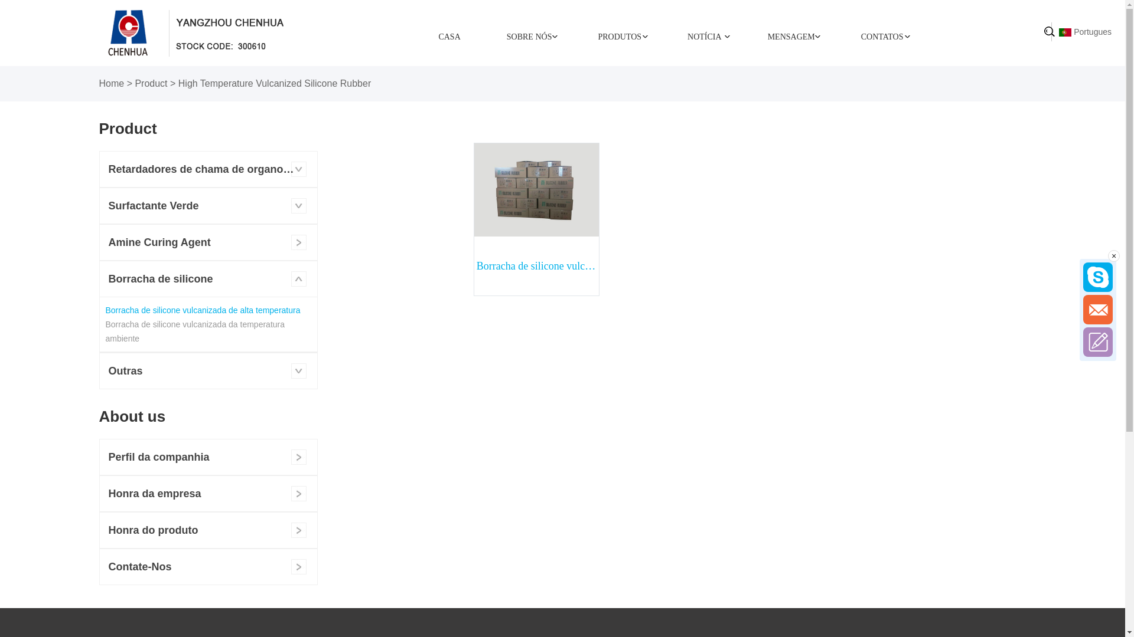 The width and height of the screenshot is (1134, 637). Describe the element at coordinates (207, 169) in the screenshot. I see `'Retardadores de chama de organofosforados'` at that location.